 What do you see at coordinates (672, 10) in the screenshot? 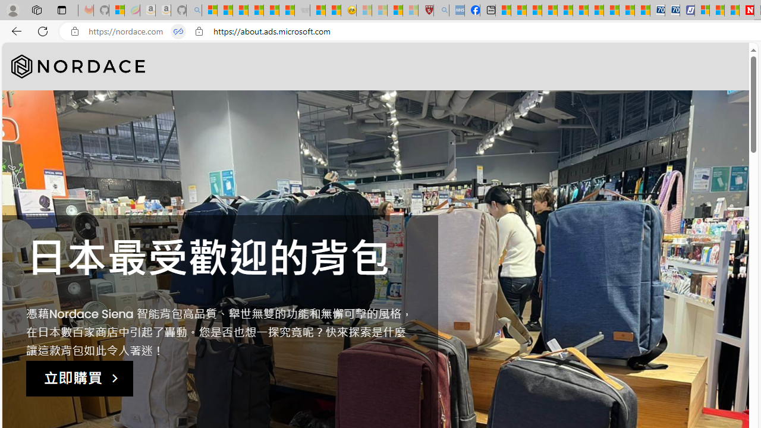
I see `'Cheap Hotels - Save70.com'` at bounding box center [672, 10].